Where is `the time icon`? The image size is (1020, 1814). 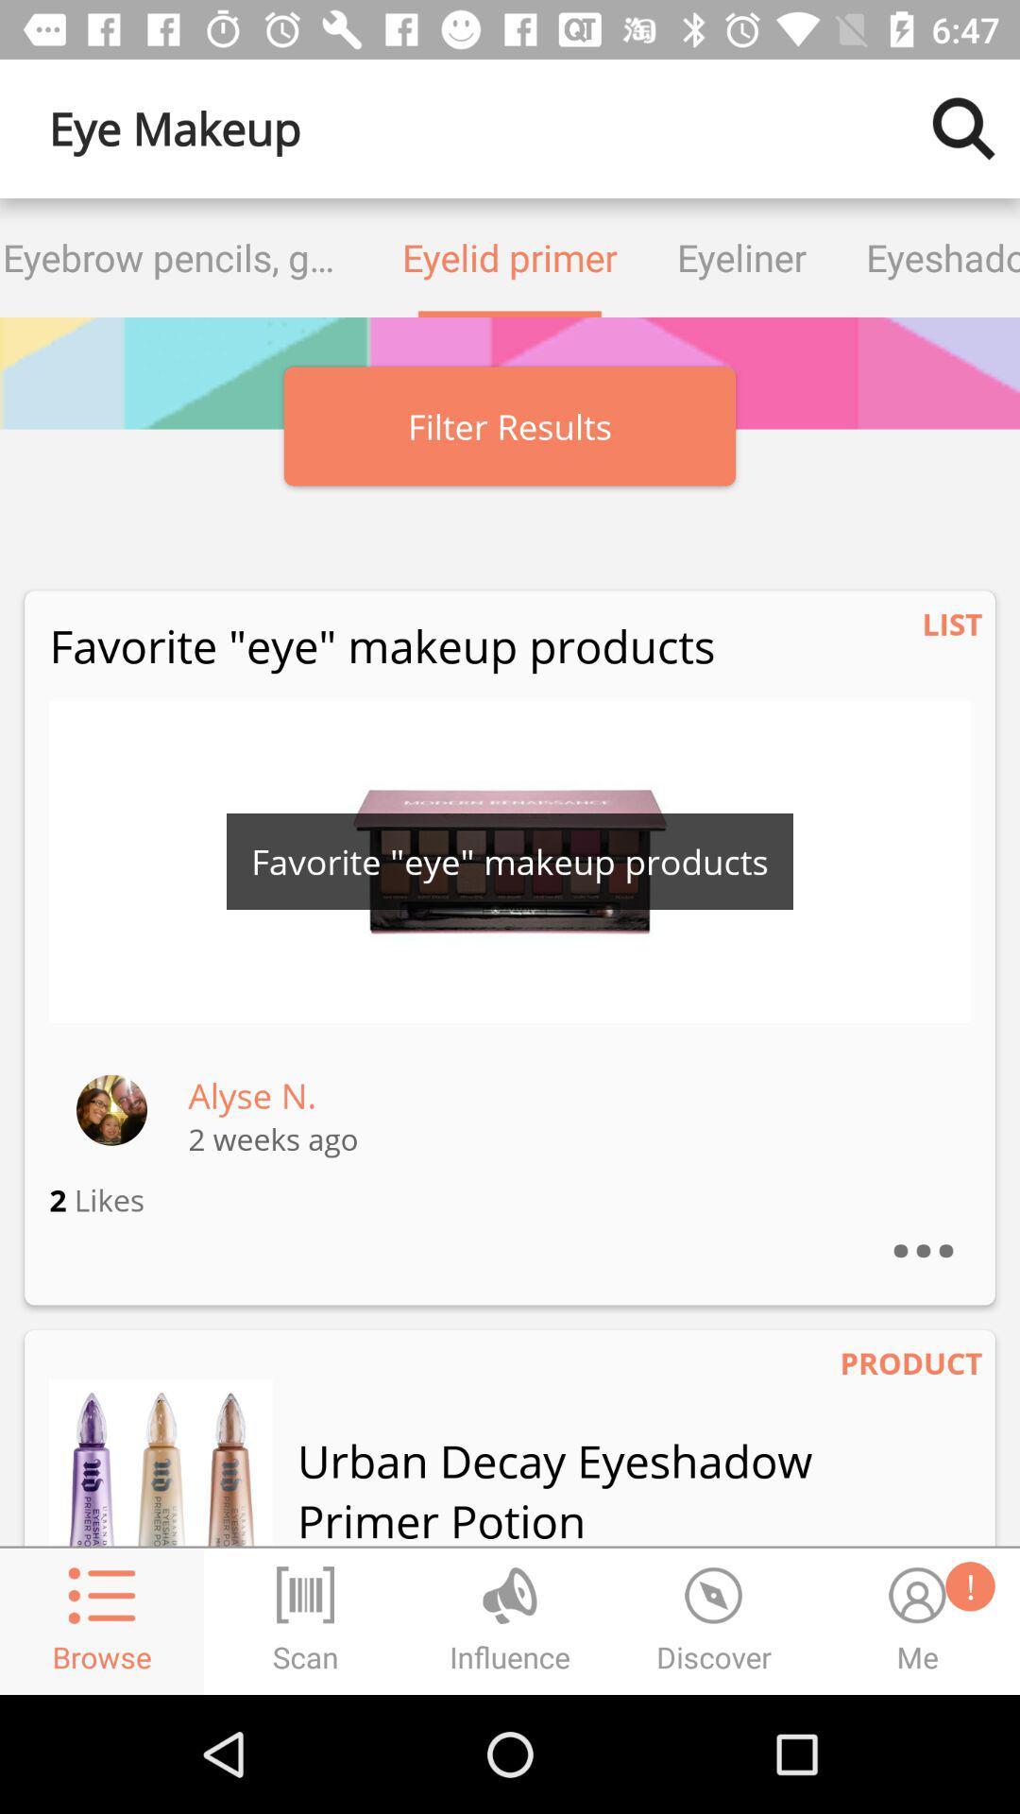 the time icon is located at coordinates (714, 1620).